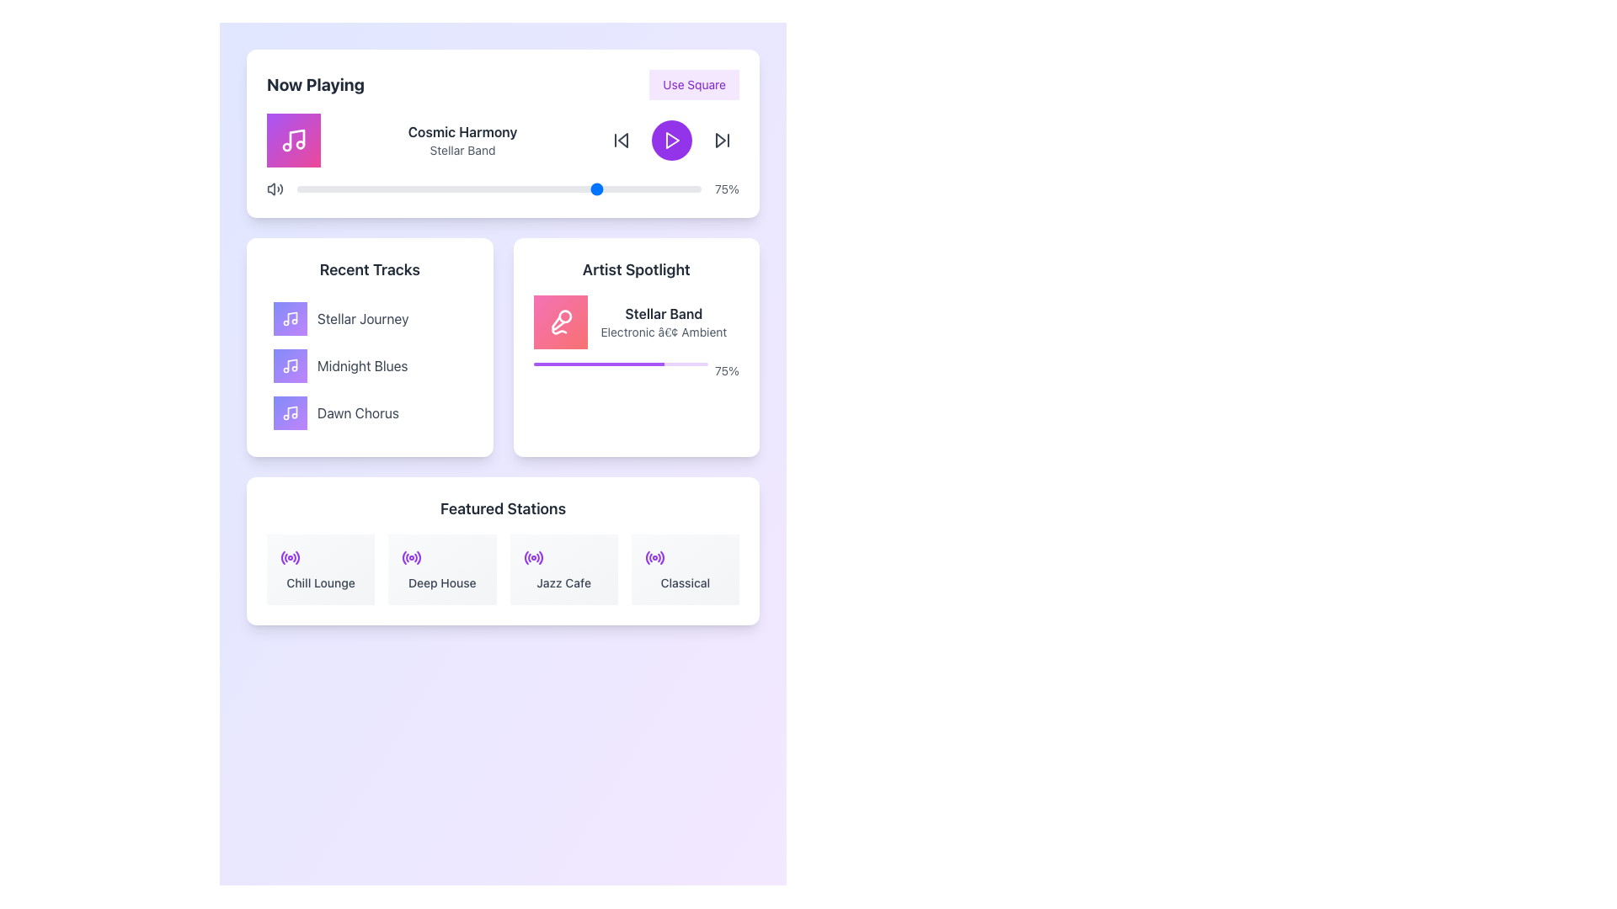  What do you see at coordinates (522, 189) in the screenshot?
I see `the slider` at bounding box center [522, 189].